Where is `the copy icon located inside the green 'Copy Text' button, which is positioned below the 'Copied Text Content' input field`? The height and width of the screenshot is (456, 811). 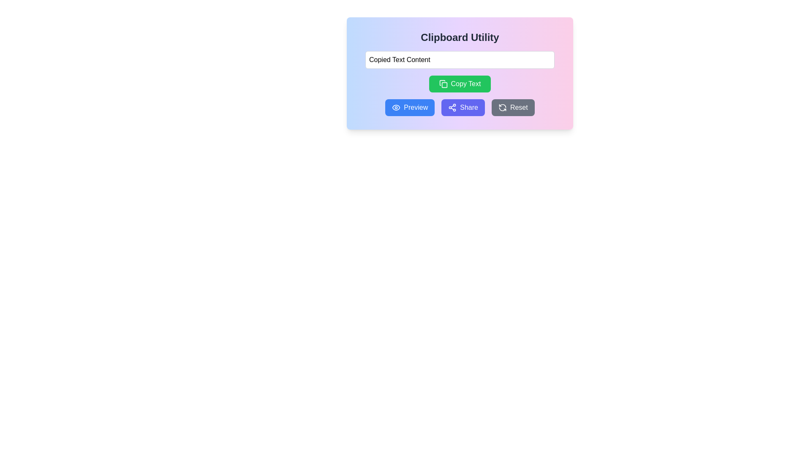 the copy icon located inside the green 'Copy Text' button, which is positioned below the 'Copied Text Content' input field is located at coordinates (443, 84).